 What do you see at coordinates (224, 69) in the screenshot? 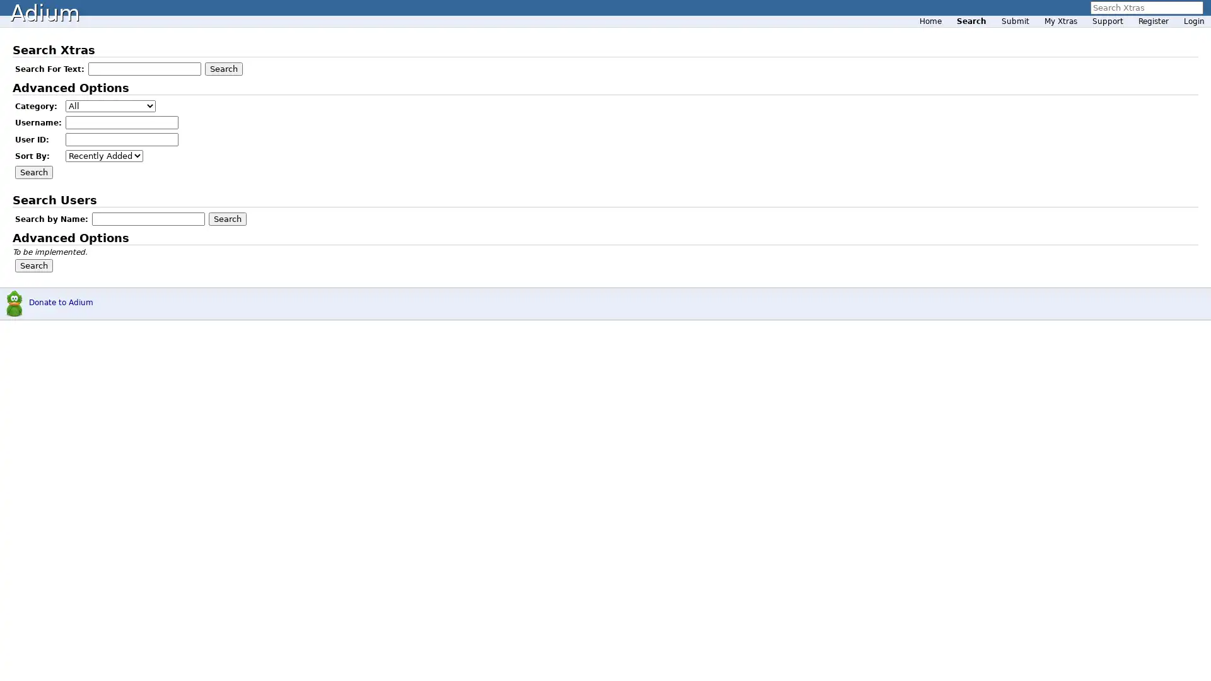
I see `Search` at bounding box center [224, 69].